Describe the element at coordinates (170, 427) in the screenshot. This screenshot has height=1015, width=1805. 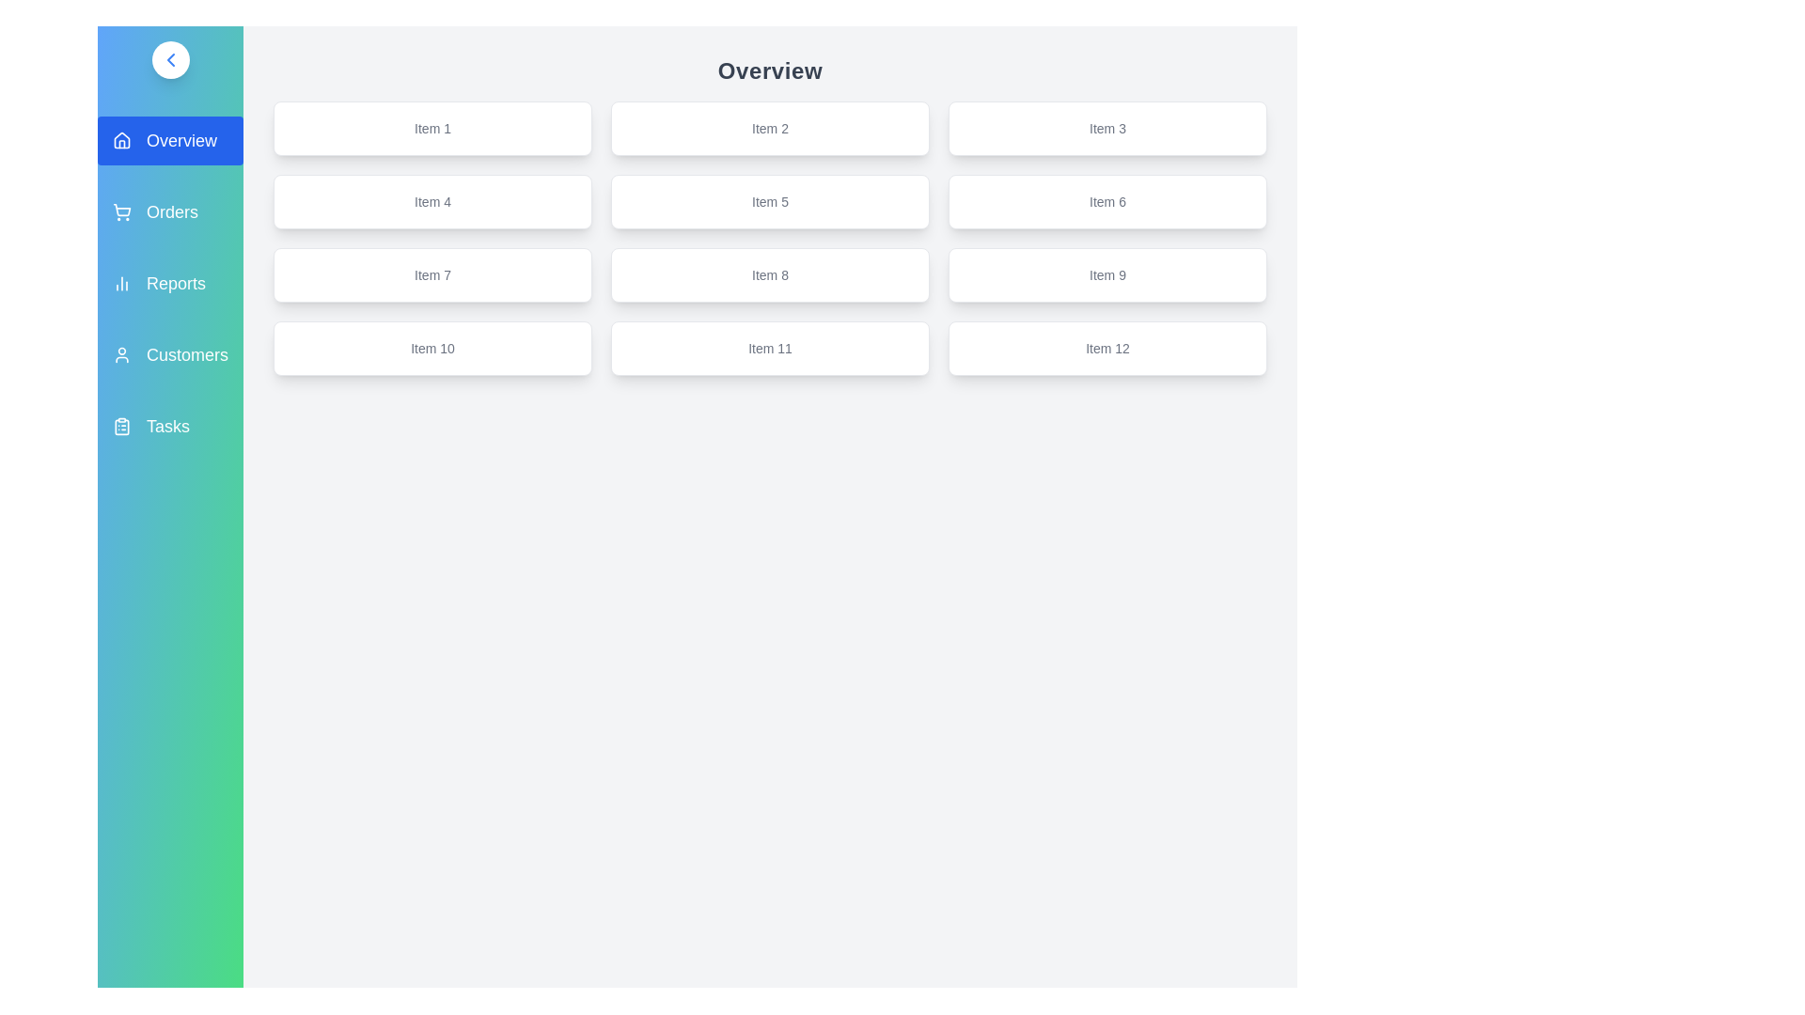
I see `the sidebar menu item labeled Tasks` at that location.